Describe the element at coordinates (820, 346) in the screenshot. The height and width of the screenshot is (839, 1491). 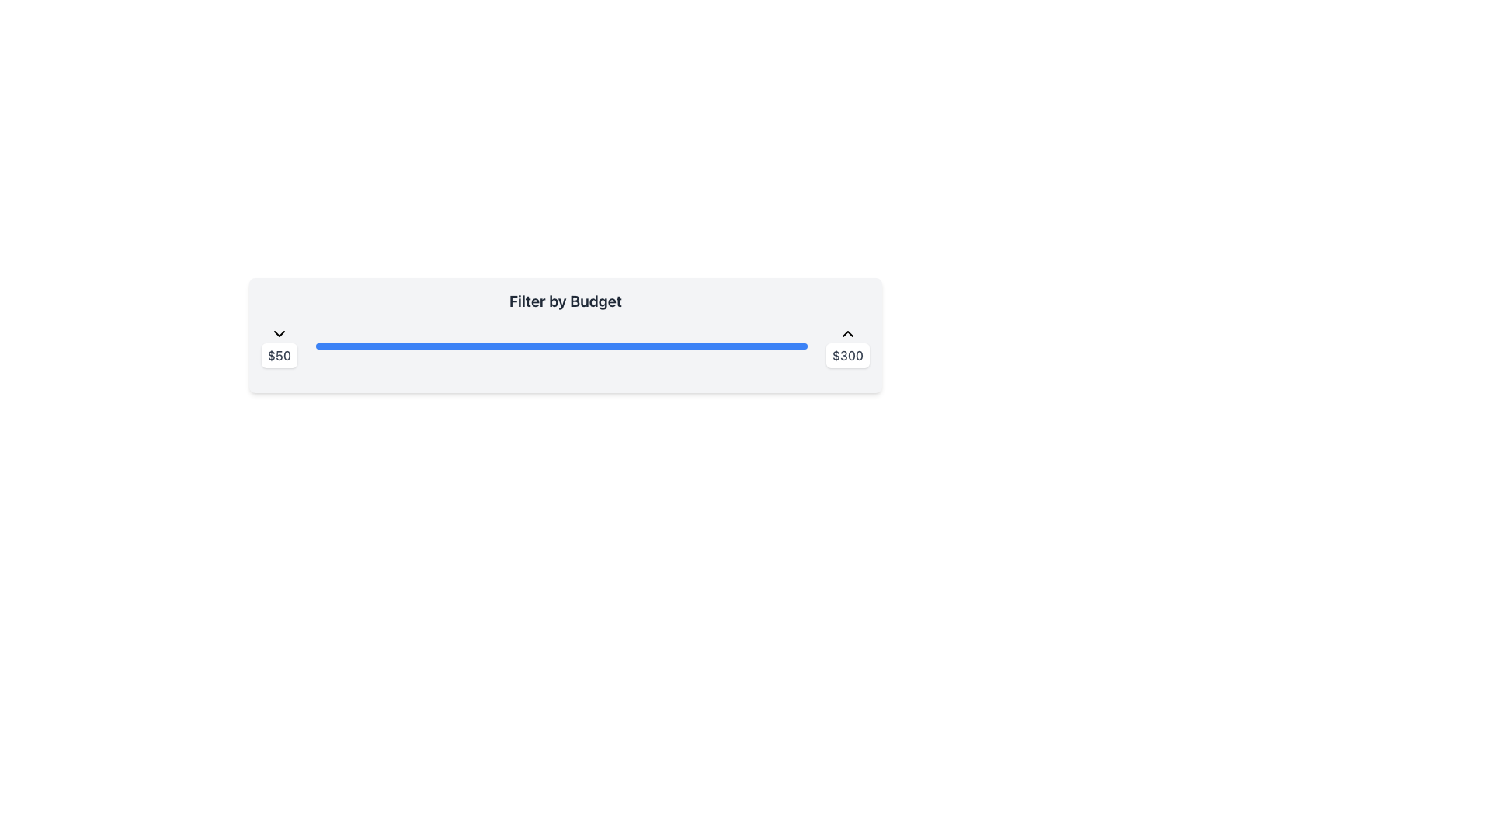
I see `the slider value` at that location.